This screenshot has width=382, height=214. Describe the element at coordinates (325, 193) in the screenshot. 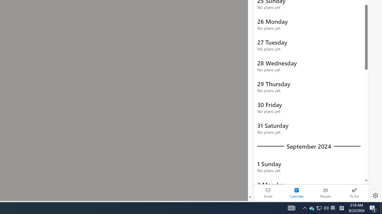

I see `'People'` at that location.